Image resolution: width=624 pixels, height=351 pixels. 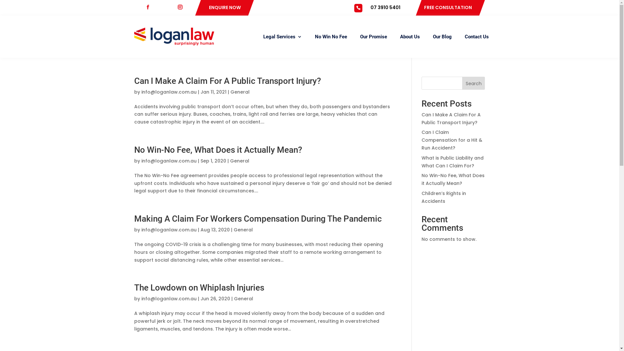 I want to click on 'ig', so click(x=182, y=7).